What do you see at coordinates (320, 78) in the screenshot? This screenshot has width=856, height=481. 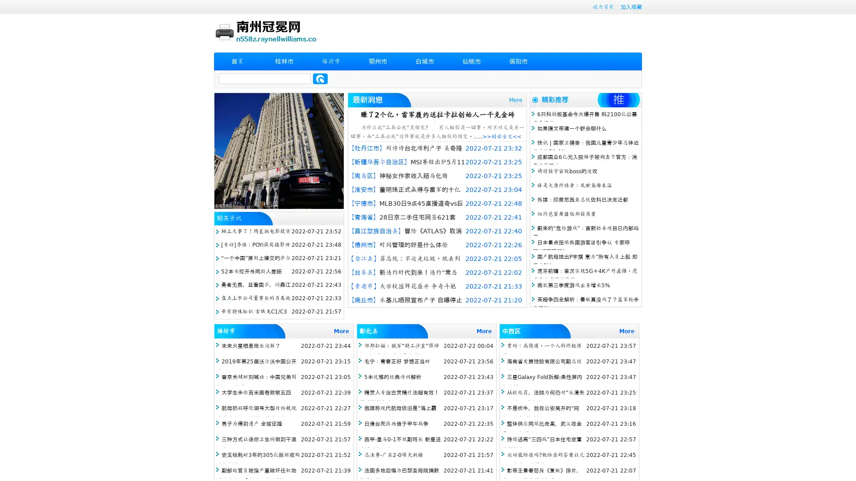 I see `Search` at bounding box center [320, 78].